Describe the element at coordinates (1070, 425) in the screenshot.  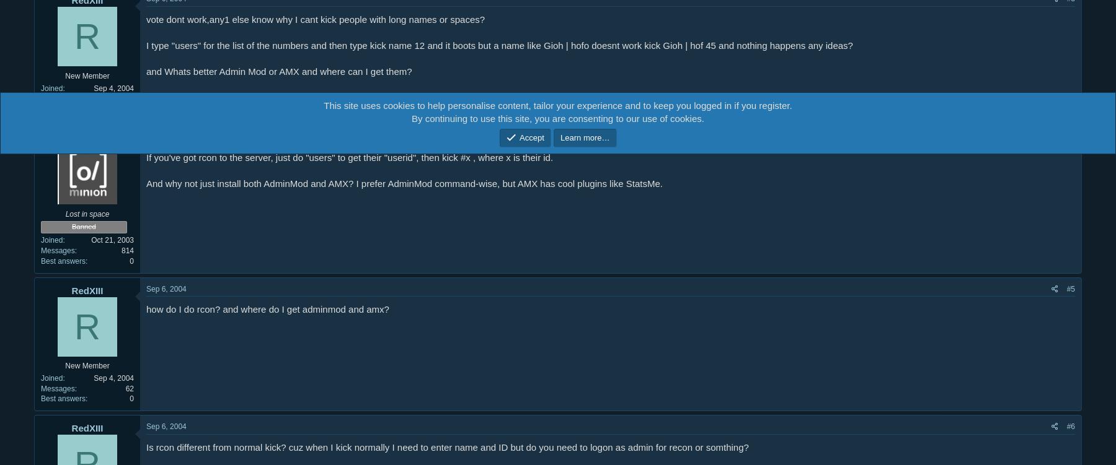
I see `'#6'` at that location.